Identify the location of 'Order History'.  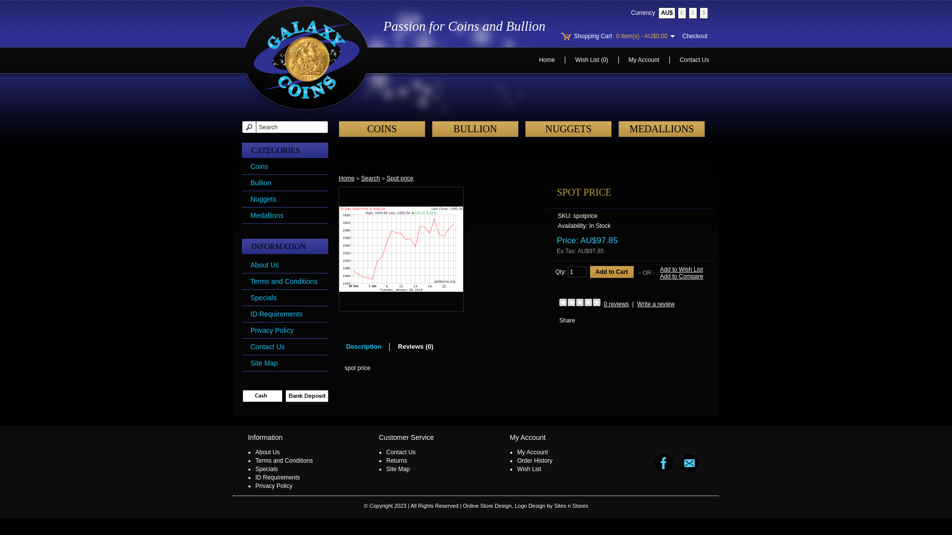
(534, 460).